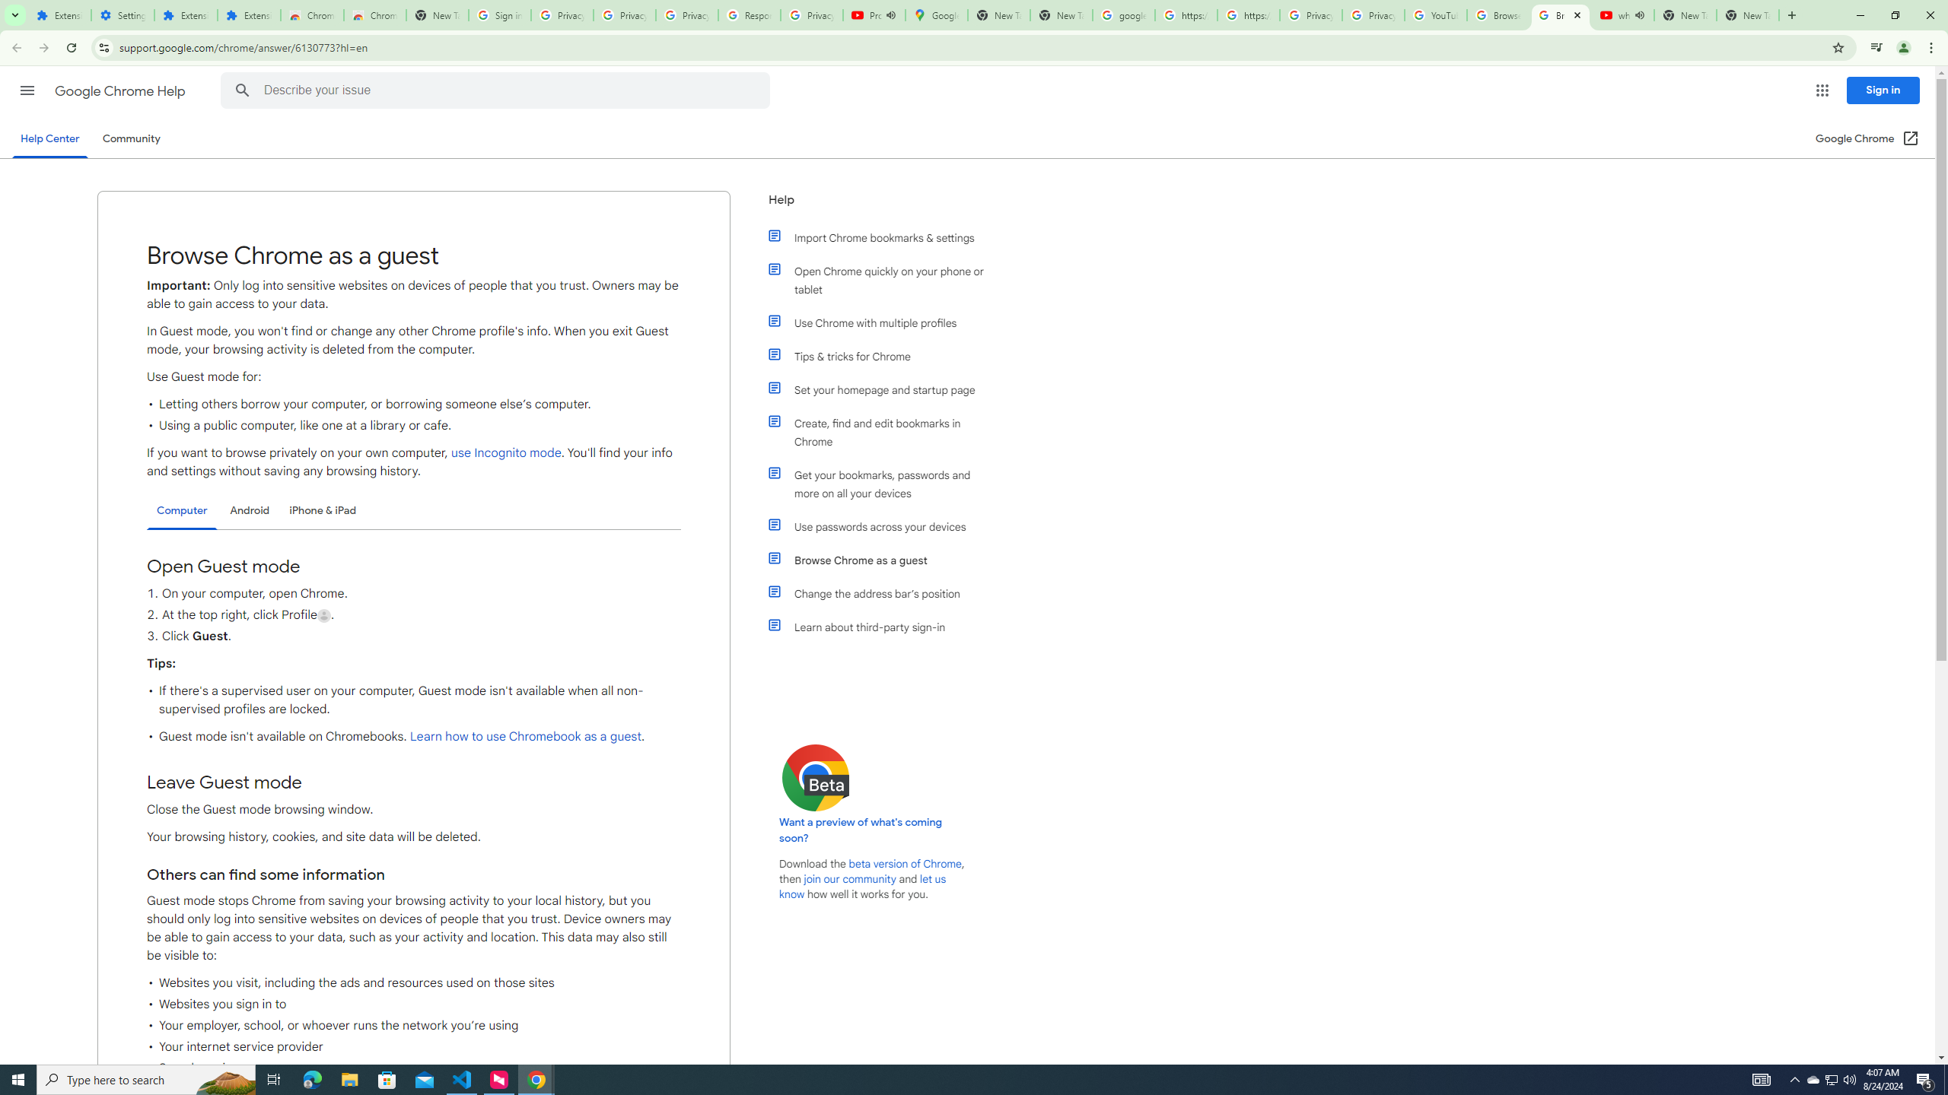  I want to click on 'YouTube', so click(1436, 14).